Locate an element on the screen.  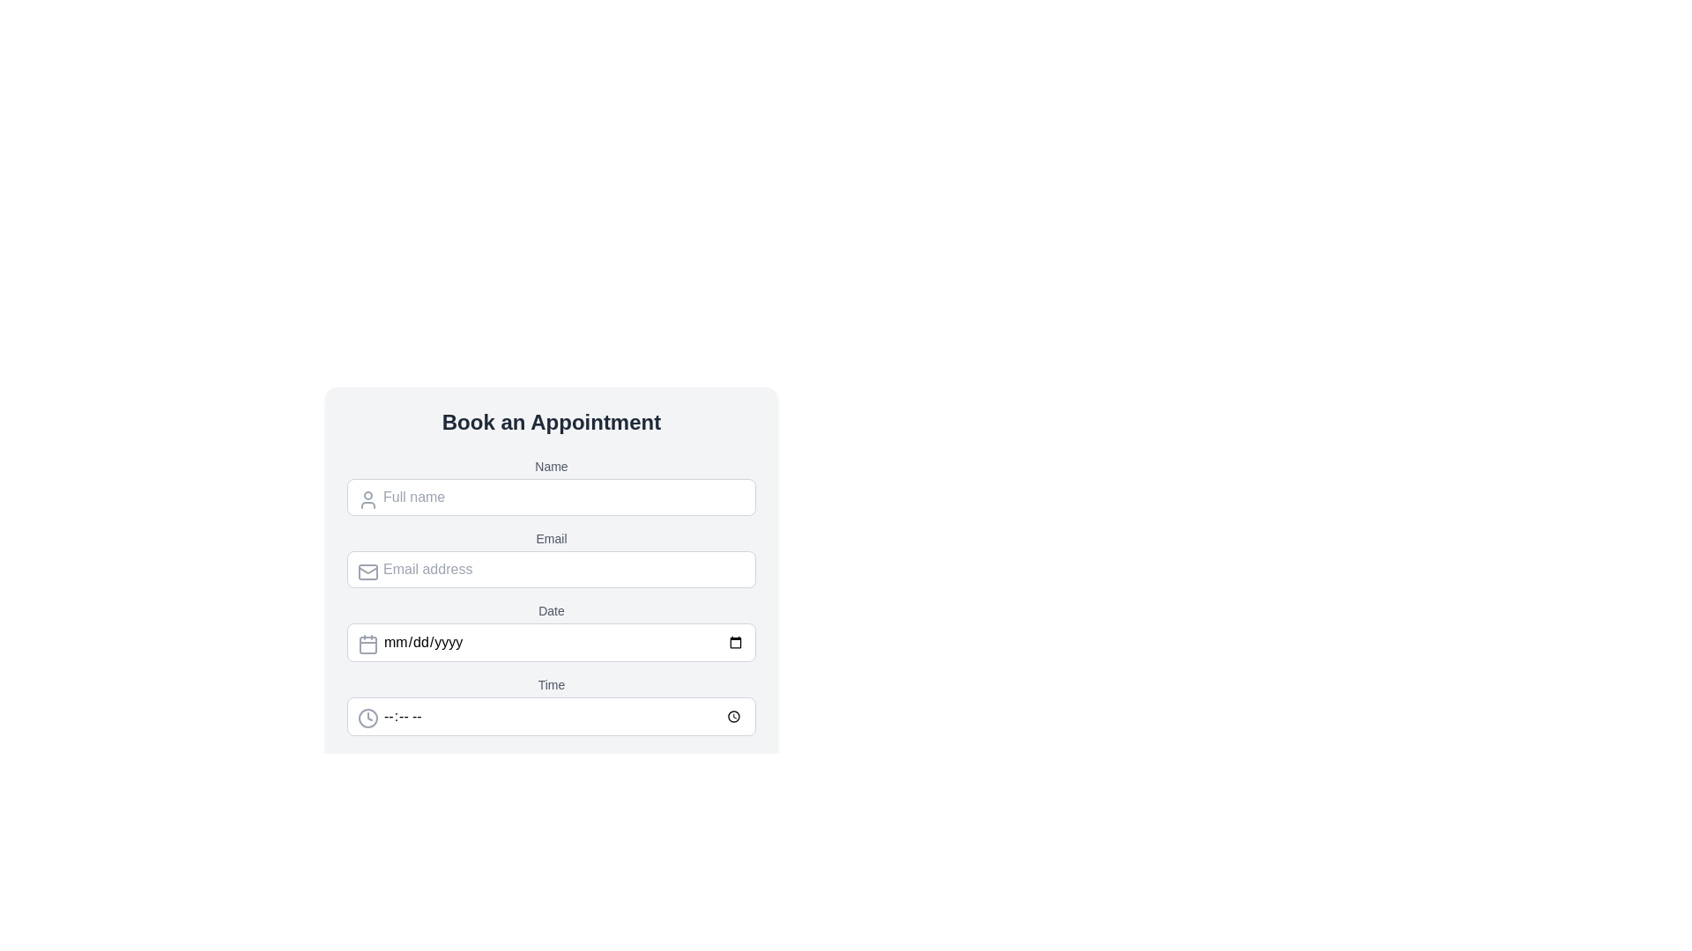
the small mail icon, which is a classic envelope shape styled in light gray and positioned in the left part of the email input field is located at coordinates (367, 572).